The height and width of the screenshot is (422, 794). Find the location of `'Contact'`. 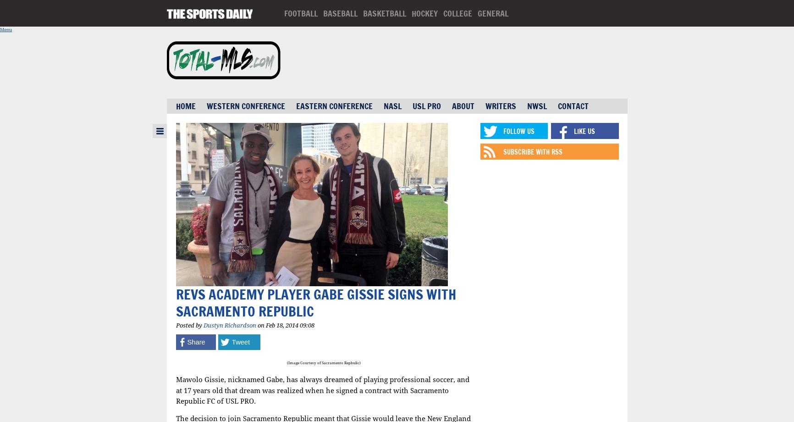

'Contact' is located at coordinates (557, 106).